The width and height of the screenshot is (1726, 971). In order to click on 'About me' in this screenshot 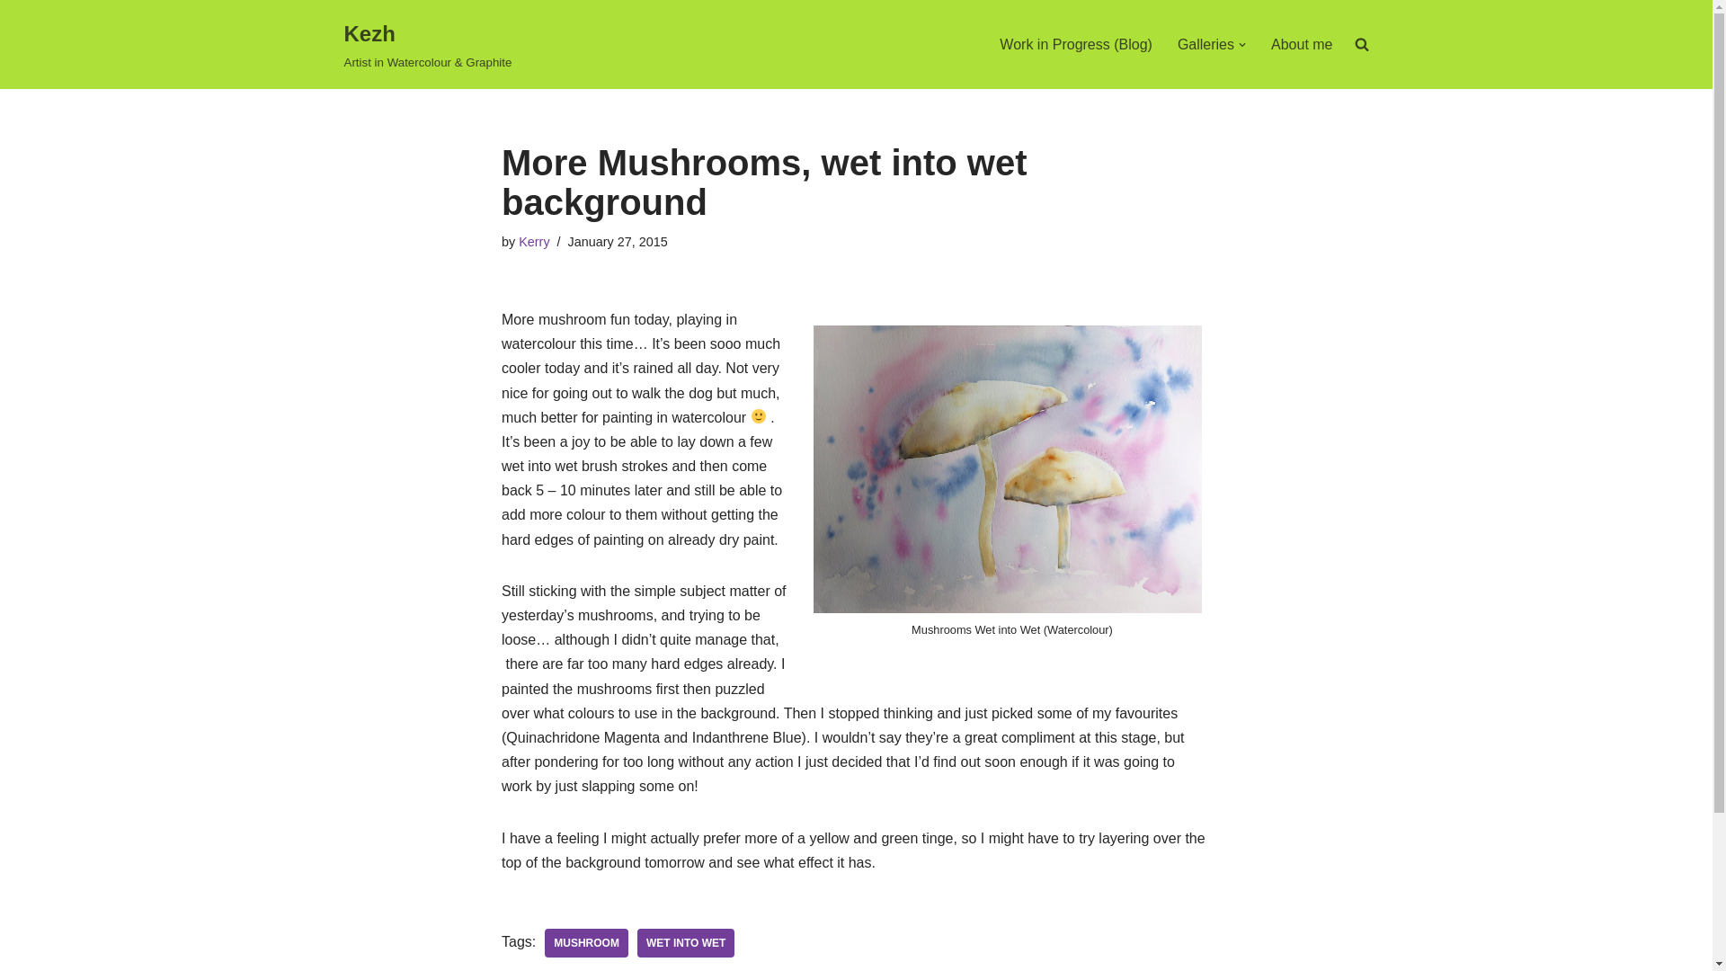, I will do `click(1302, 43)`.